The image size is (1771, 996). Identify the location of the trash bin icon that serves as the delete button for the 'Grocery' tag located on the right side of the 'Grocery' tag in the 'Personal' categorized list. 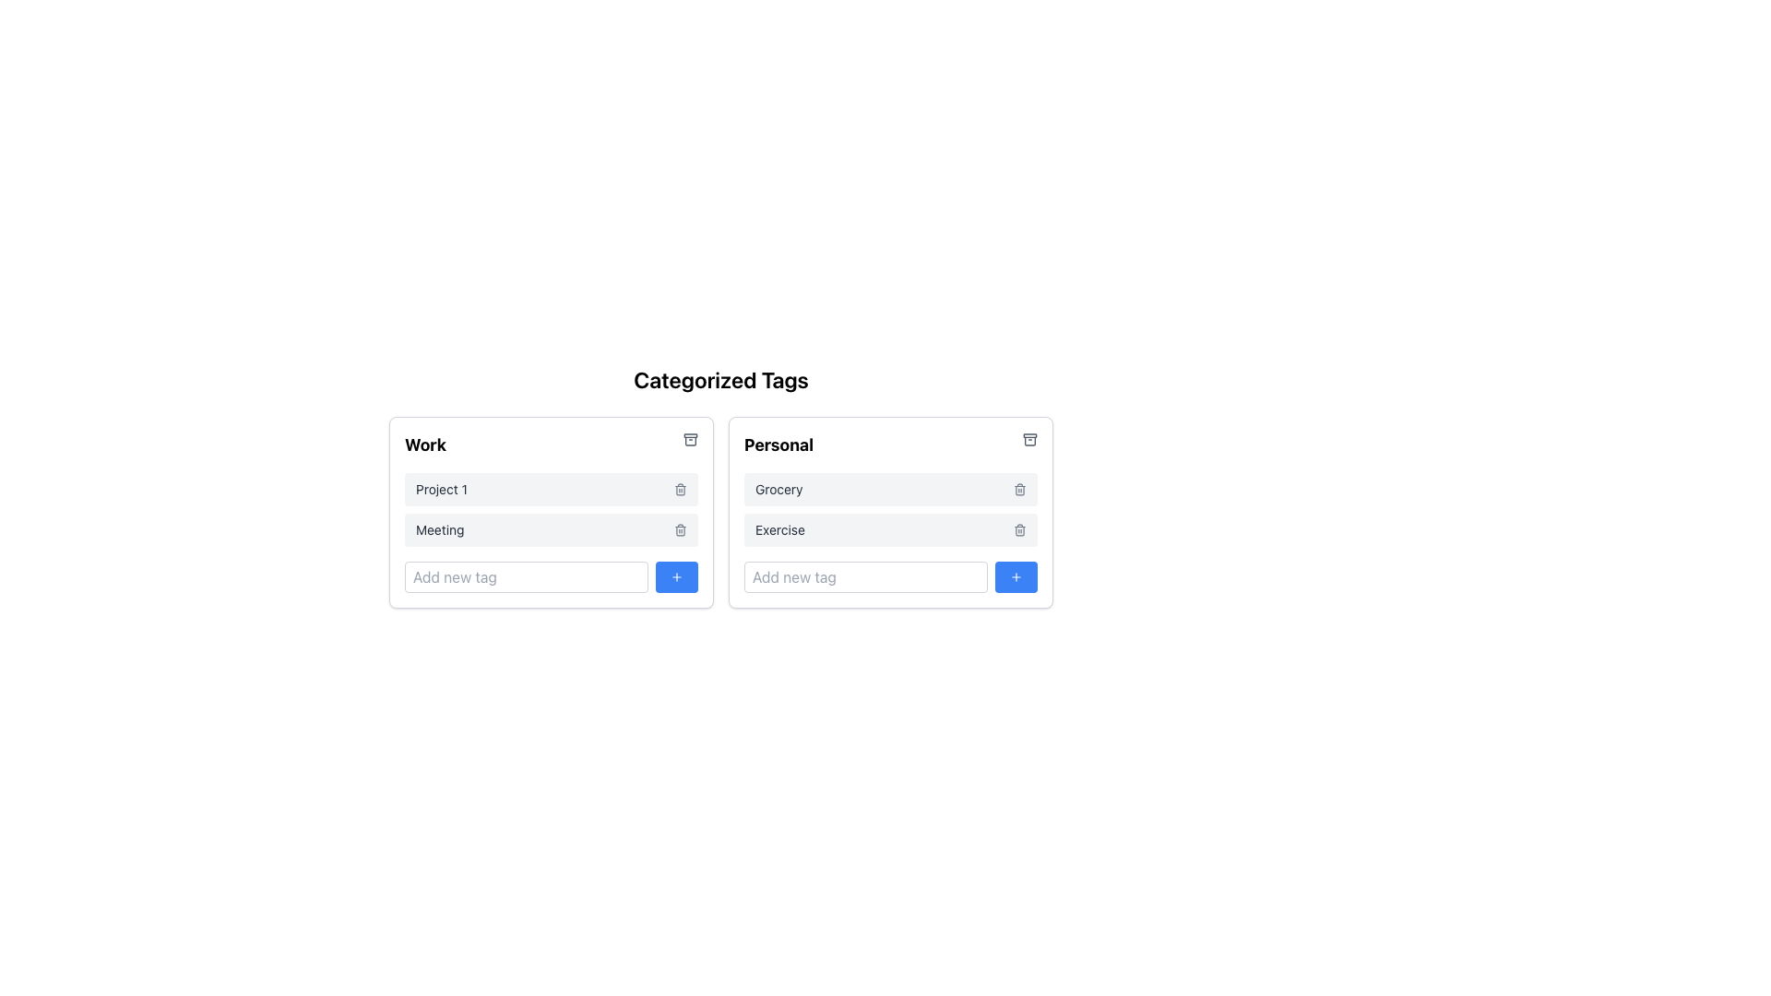
(1018, 489).